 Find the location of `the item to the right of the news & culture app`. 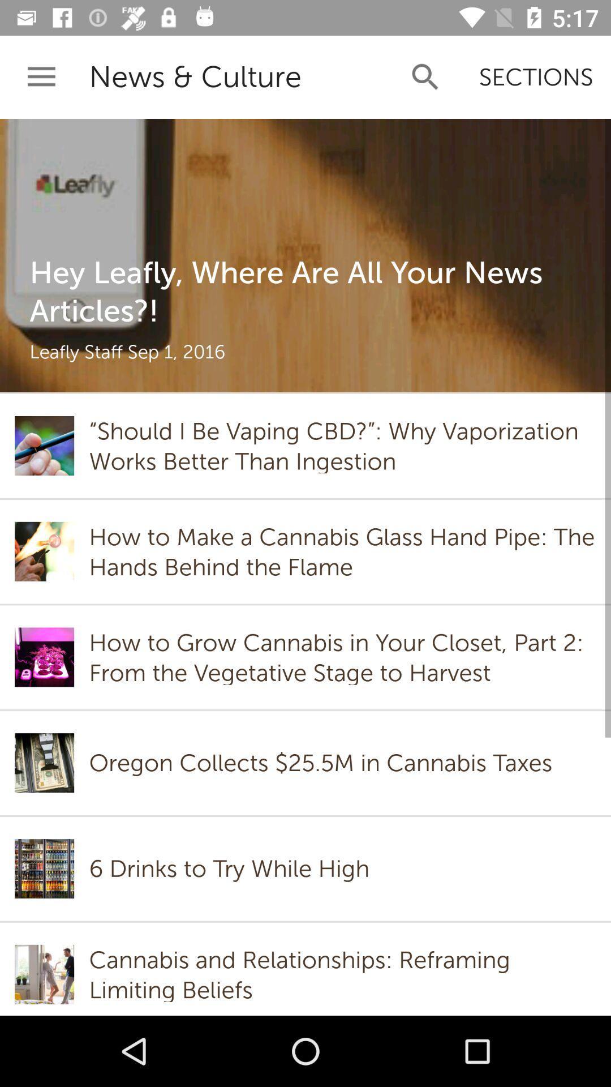

the item to the right of the news & culture app is located at coordinates (425, 76).